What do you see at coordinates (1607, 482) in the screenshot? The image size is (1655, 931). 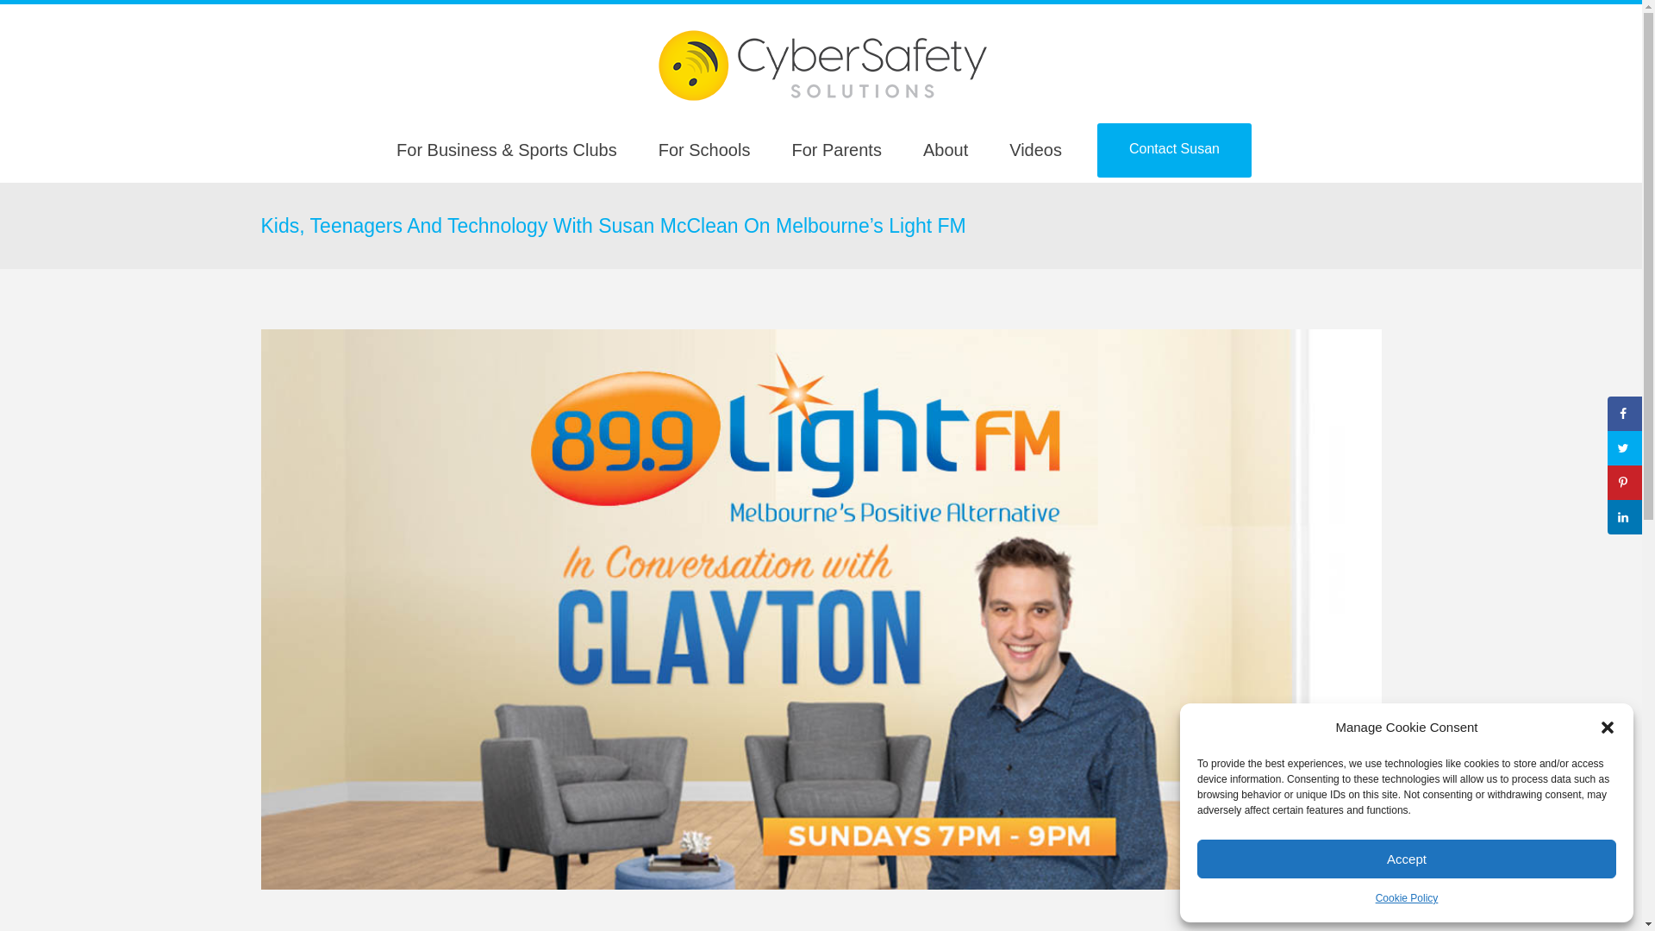 I see `'Save to Pinterest'` at bounding box center [1607, 482].